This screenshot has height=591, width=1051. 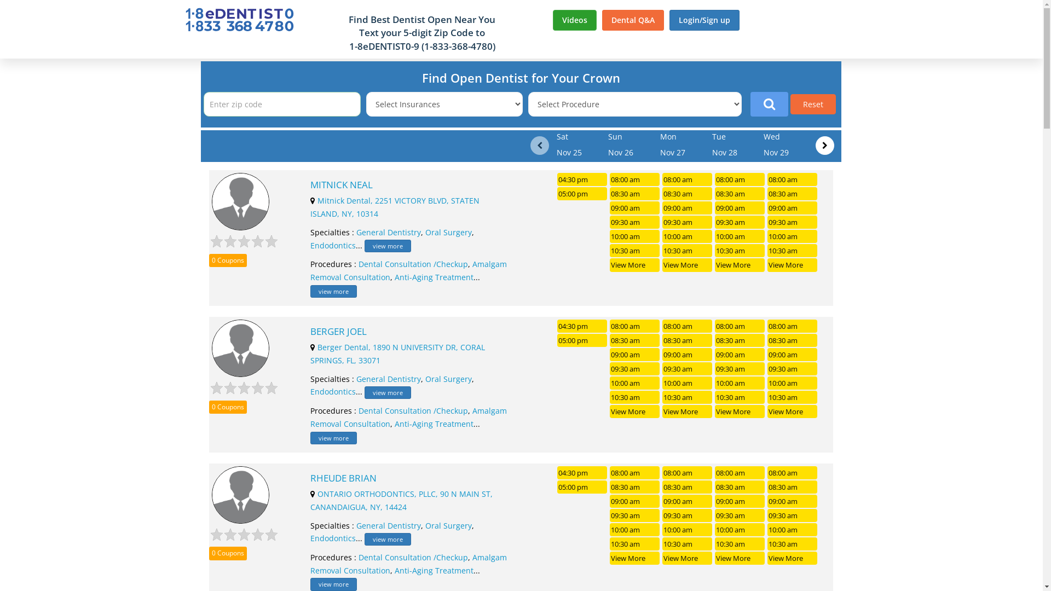 I want to click on '0 Coupons', so click(x=209, y=260).